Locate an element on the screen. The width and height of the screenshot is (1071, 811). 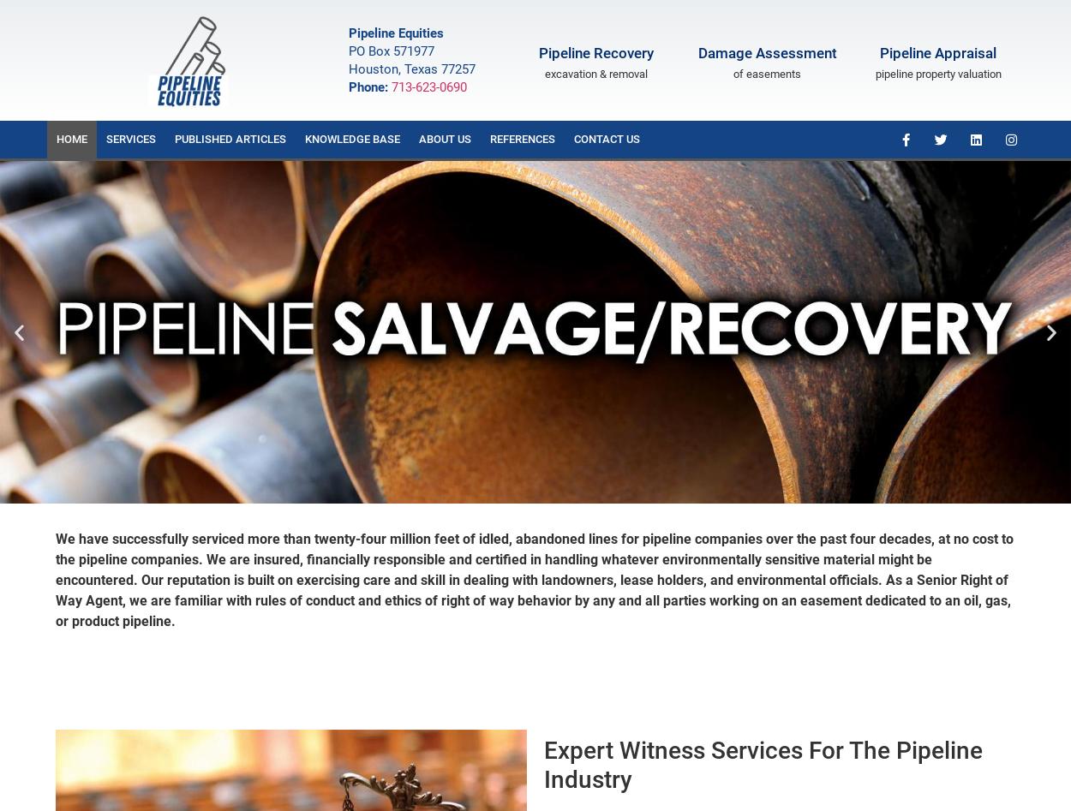
'Damage Assessment' is located at coordinates (767, 53).